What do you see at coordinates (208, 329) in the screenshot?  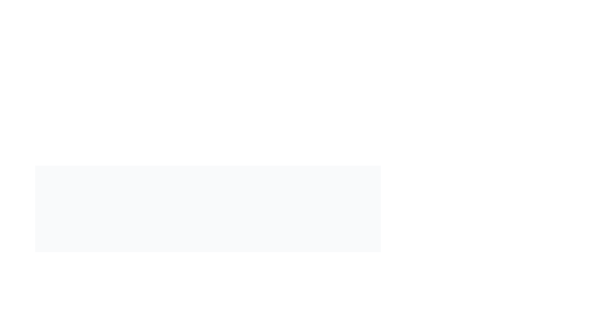 I see `the horizontal range slider input which allows users to adjust a value from 0 to 100, currently set to 50, located below the percentage indicators '0%' and '100%'` at bounding box center [208, 329].